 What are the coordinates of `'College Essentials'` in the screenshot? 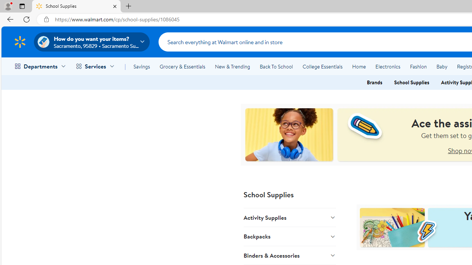 It's located at (322, 67).